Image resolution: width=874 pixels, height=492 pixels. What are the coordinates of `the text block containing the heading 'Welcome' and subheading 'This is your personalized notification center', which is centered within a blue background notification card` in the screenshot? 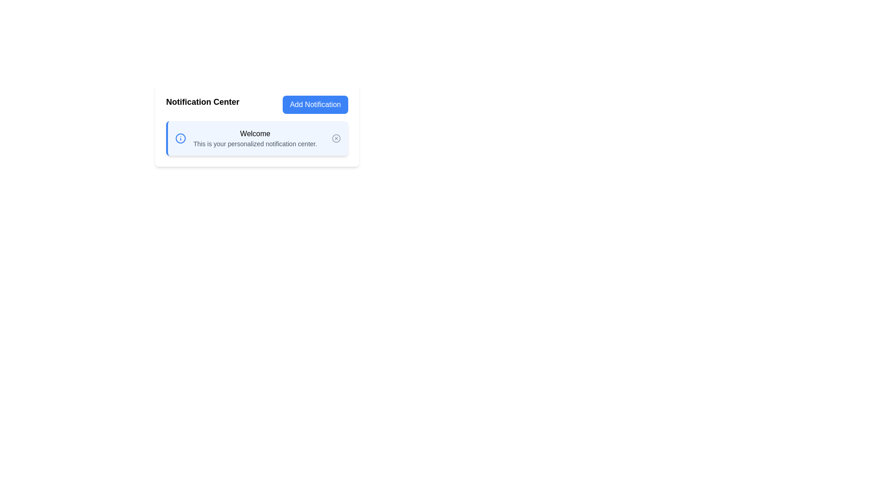 It's located at (255, 138).